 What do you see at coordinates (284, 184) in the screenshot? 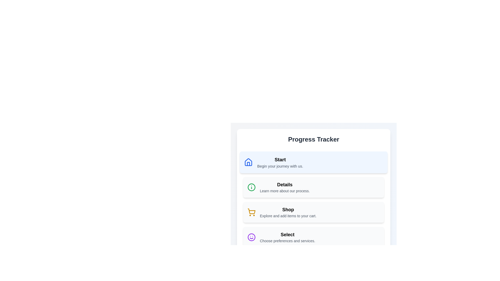
I see `the Text header that serves as the title or heading for the associated content, located in the middle of a vertically arranged list of sections, directly after the section titled 'Start'` at bounding box center [284, 184].